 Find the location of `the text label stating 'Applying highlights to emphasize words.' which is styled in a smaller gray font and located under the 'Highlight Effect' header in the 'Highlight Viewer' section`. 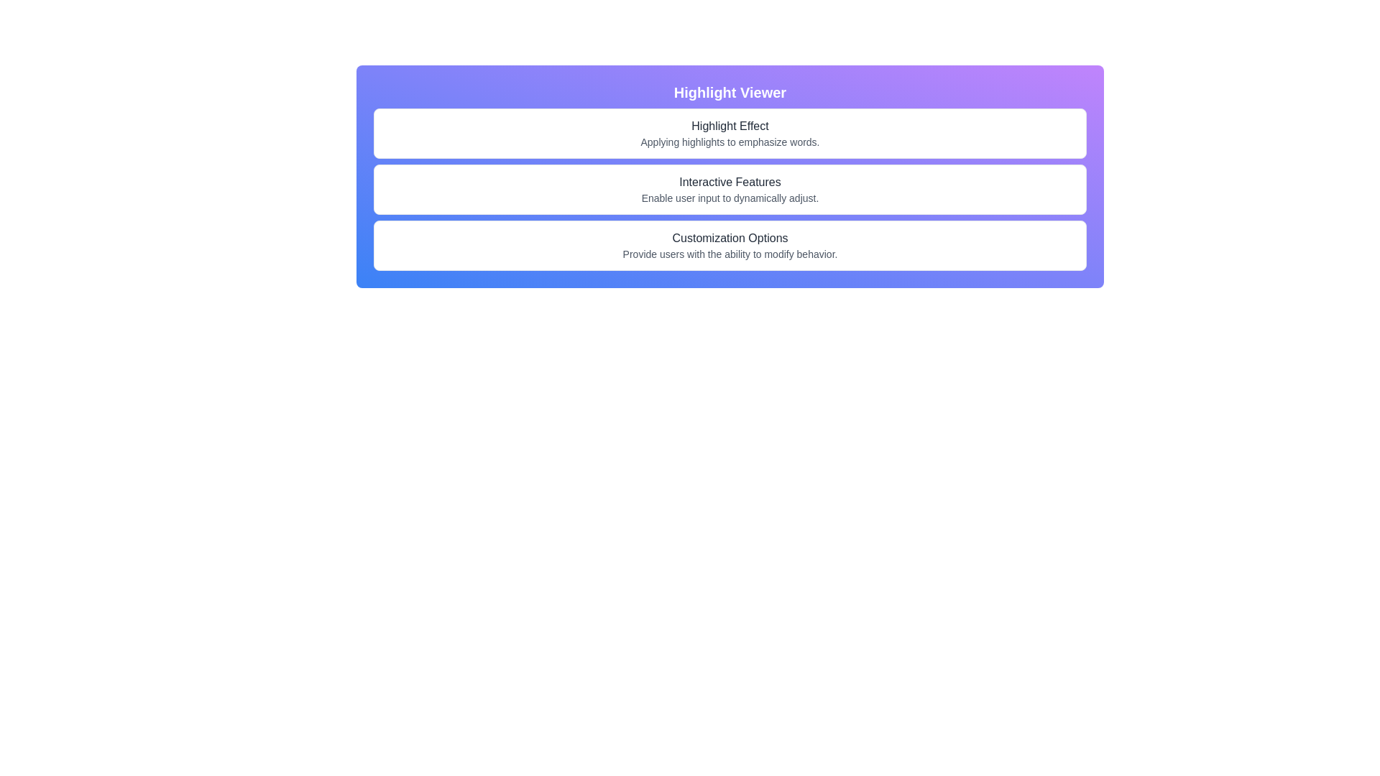

the text label stating 'Applying highlights to emphasize words.' which is styled in a smaller gray font and located under the 'Highlight Effect' header in the 'Highlight Viewer' section is located at coordinates (730, 142).